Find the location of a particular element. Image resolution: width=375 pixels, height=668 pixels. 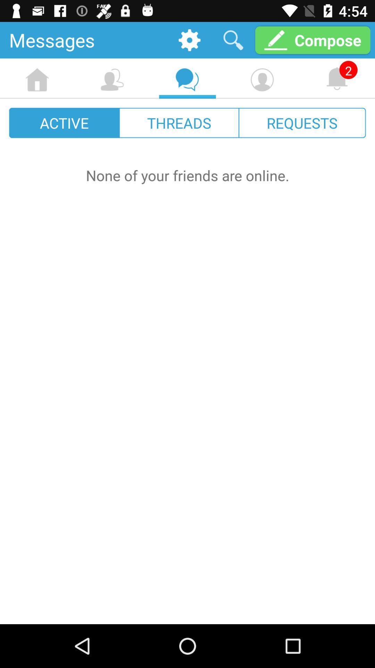

item to the left of threads icon is located at coordinates (64, 123).